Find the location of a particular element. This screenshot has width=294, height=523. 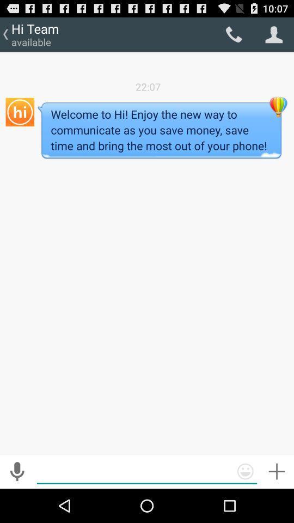

the microphone icon is located at coordinates (16, 504).